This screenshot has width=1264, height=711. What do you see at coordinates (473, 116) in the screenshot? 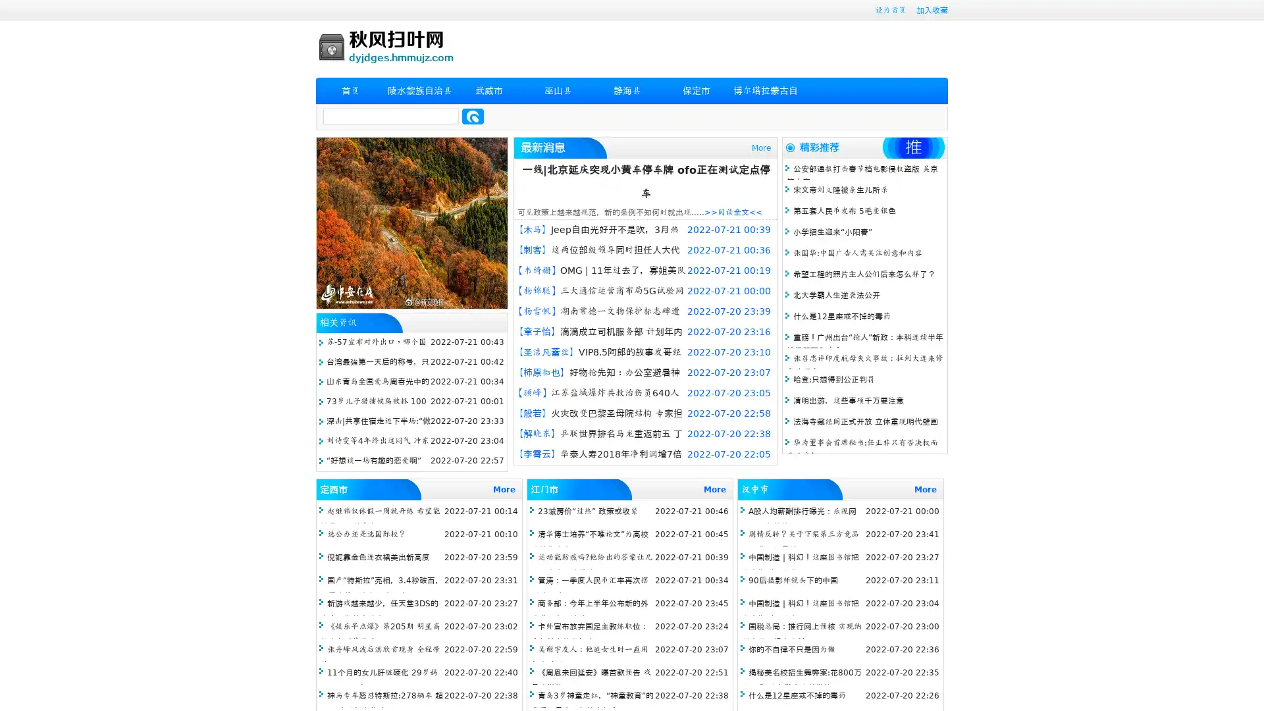
I see `Search` at bounding box center [473, 116].